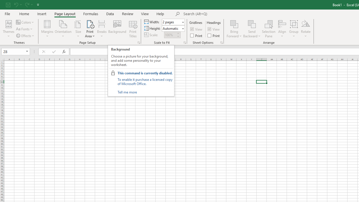 Image resolution: width=359 pixels, height=202 pixels. I want to click on 'Selection Pane...', so click(268, 29).